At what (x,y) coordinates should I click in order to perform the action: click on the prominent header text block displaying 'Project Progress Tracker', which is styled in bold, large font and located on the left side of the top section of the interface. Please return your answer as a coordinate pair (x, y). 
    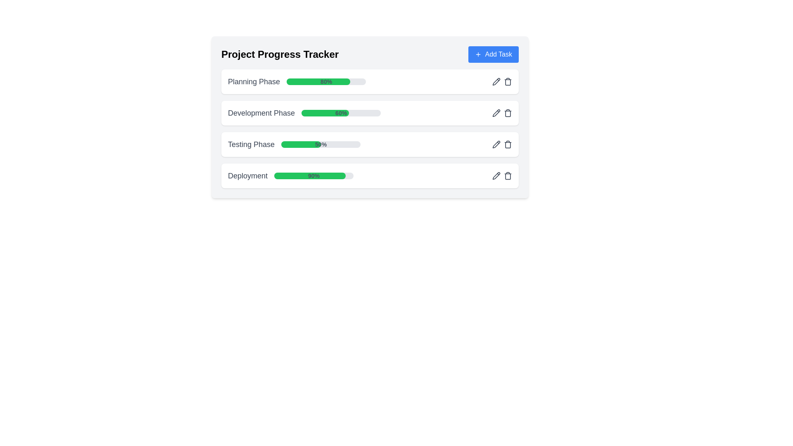
    Looking at the image, I should click on (280, 54).